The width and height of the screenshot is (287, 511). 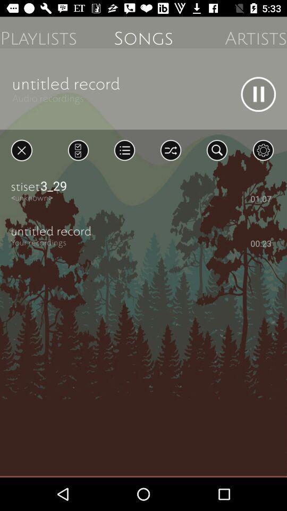 What do you see at coordinates (124, 150) in the screenshot?
I see `the list icon` at bounding box center [124, 150].